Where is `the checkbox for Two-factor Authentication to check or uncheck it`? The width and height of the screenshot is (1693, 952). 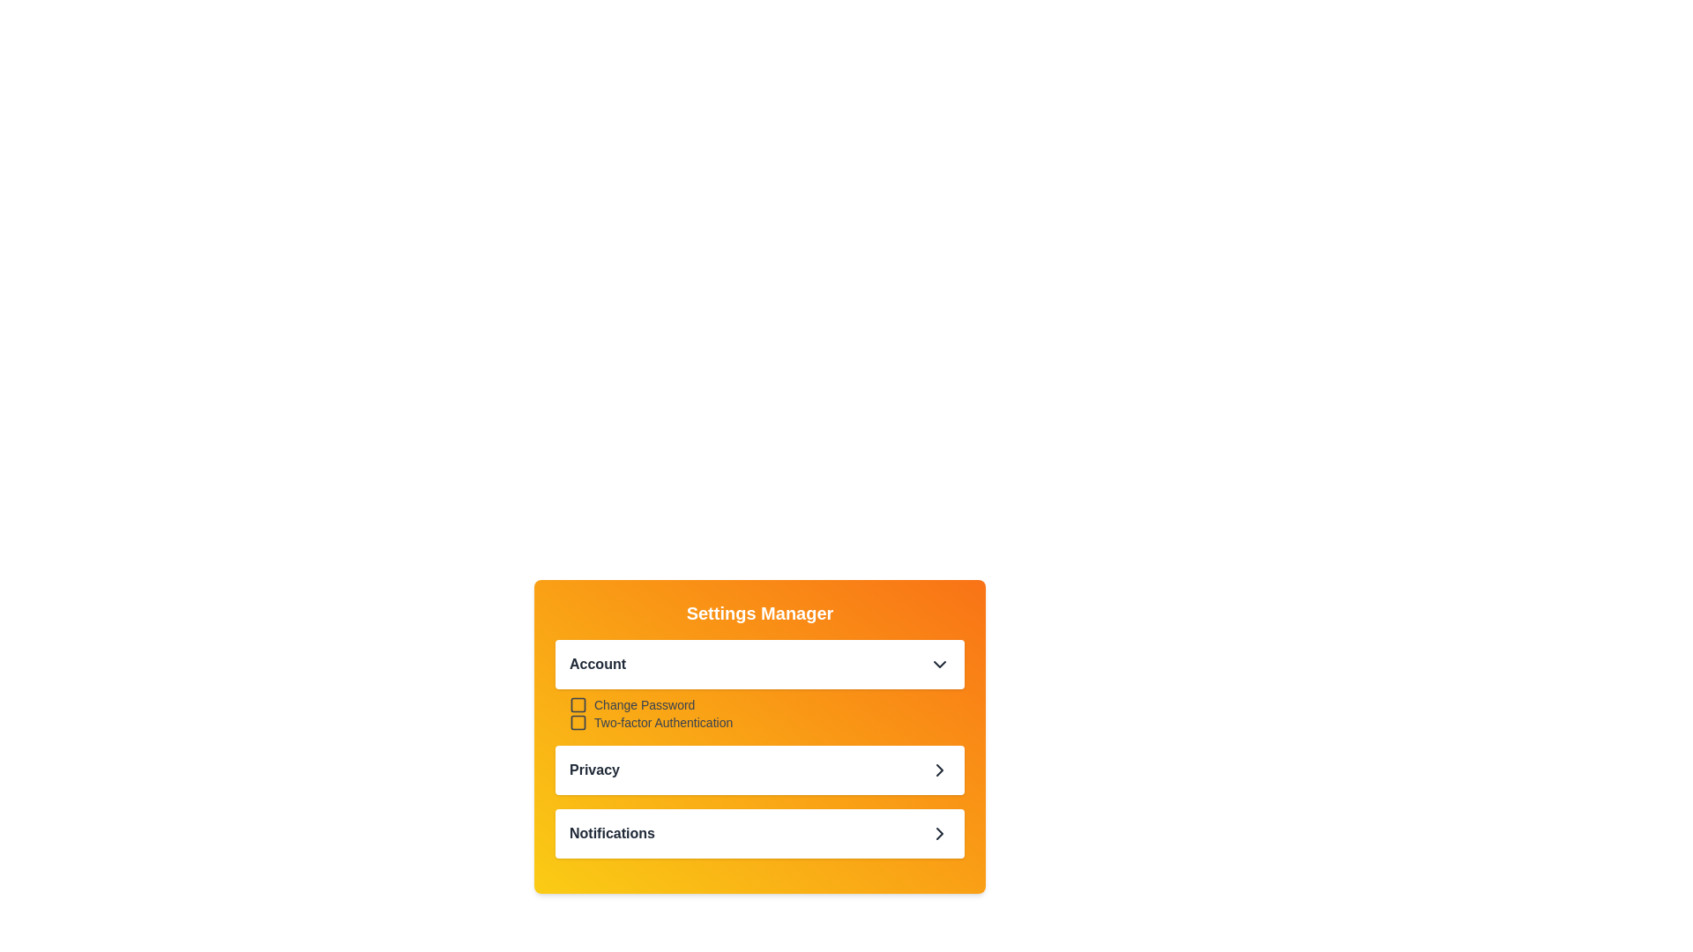
the checkbox for Two-factor Authentication to check or uncheck it is located at coordinates (578, 723).